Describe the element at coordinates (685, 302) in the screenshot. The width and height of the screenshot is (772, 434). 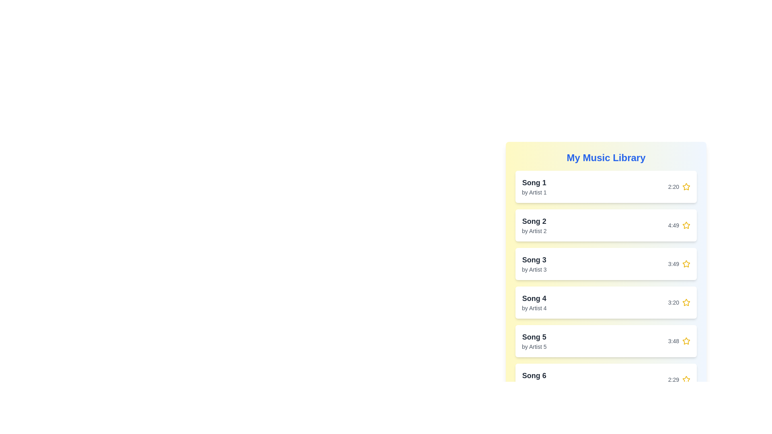
I see `the yellow star icon next to '3:20' to favorite 'Song 4' in the 'My Music Library' section` at that location.